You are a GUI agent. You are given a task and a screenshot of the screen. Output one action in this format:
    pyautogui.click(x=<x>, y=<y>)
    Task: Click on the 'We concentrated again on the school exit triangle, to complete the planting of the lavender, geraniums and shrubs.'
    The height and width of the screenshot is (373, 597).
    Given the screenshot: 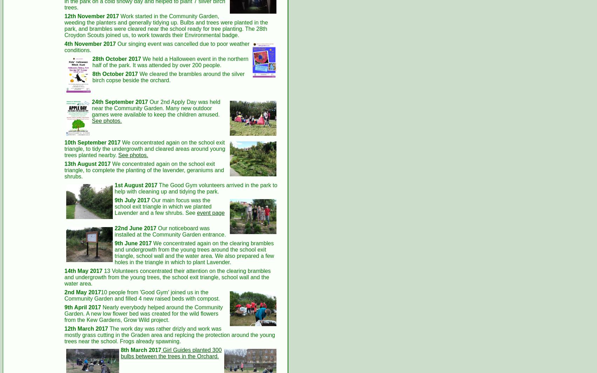 What is the action you would take?
    pyautogui.click(x=144, y=170)
    